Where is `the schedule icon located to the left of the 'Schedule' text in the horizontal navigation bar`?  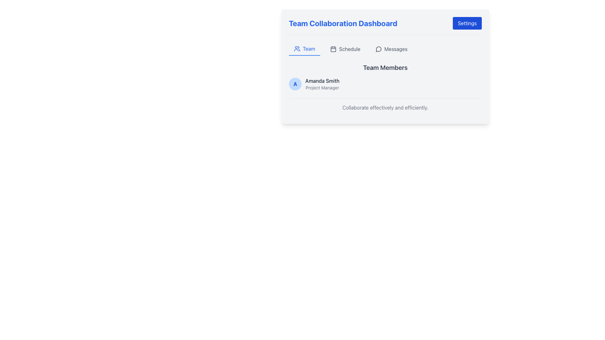
the schedule icon located to the left of the 'Schedule' text in the horizontal navigation bar is located at coordinates (333, 48).